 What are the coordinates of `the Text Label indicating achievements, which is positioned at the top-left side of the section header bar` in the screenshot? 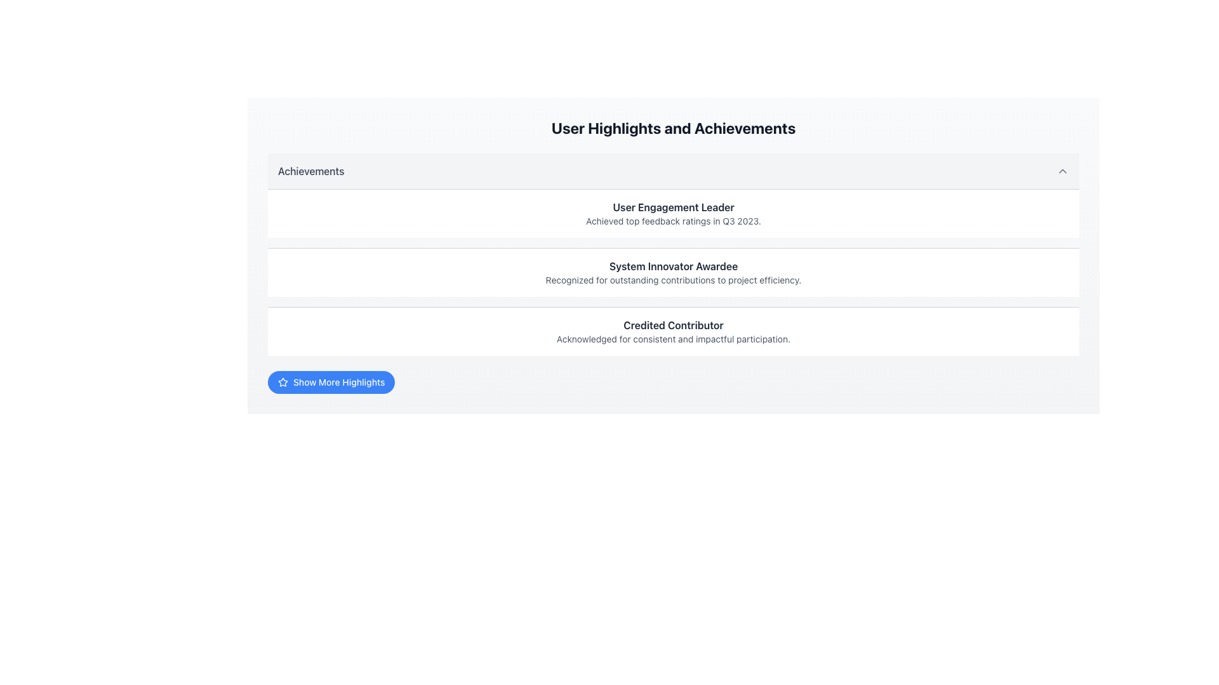 It's located at (311, 171).